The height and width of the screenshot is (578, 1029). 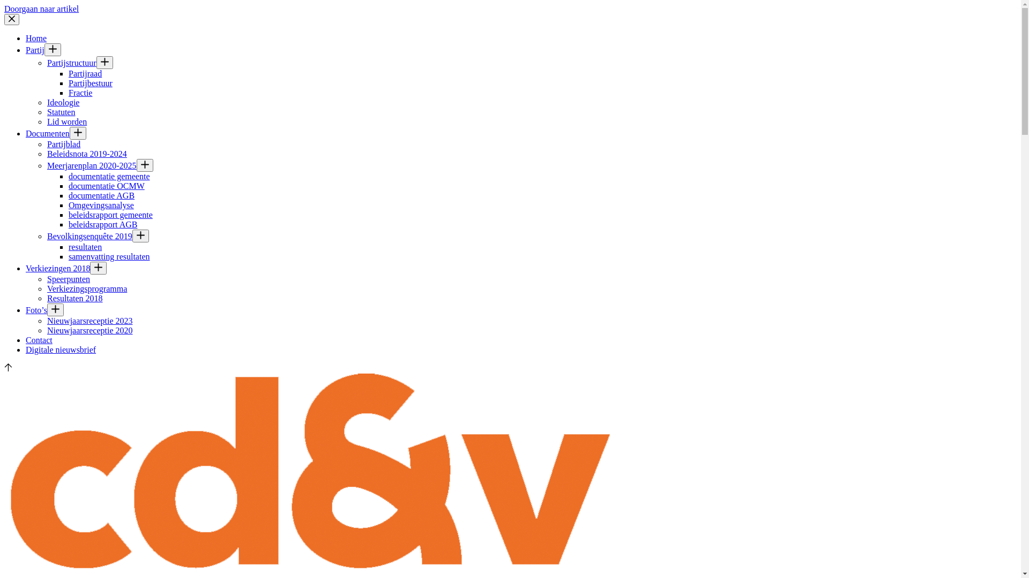 I want to click on 'documentatie gemeente', so click(x=109, y=176).